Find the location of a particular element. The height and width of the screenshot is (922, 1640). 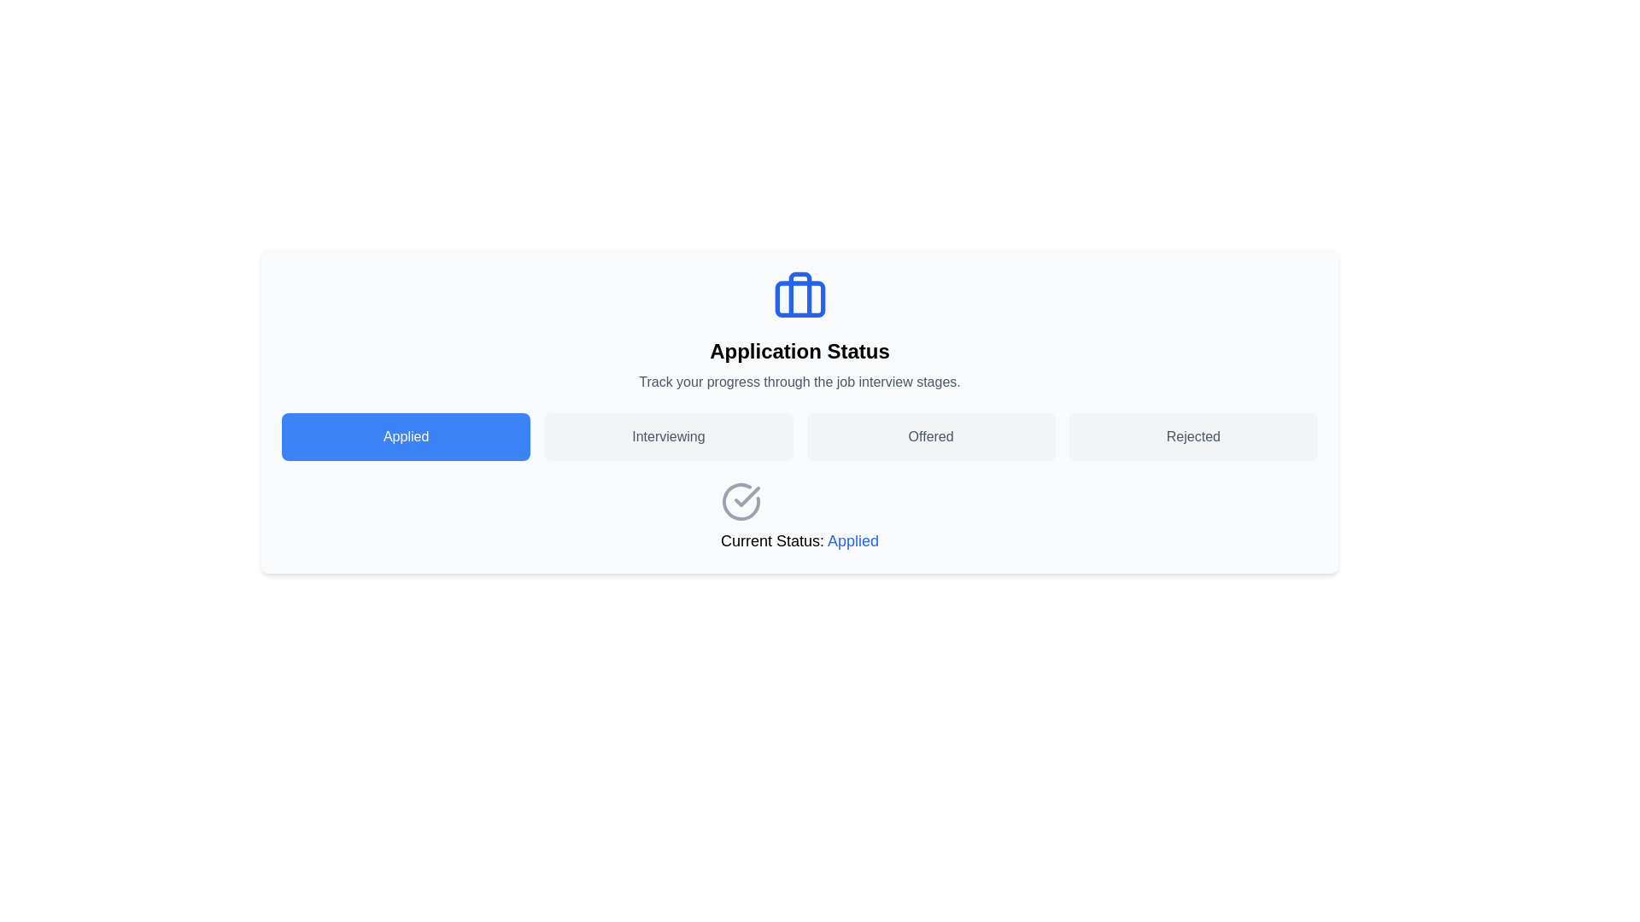

the graphical checkmark icon that indicates successful action within the 'Application Status' interface is located at coordinates (747, 497).